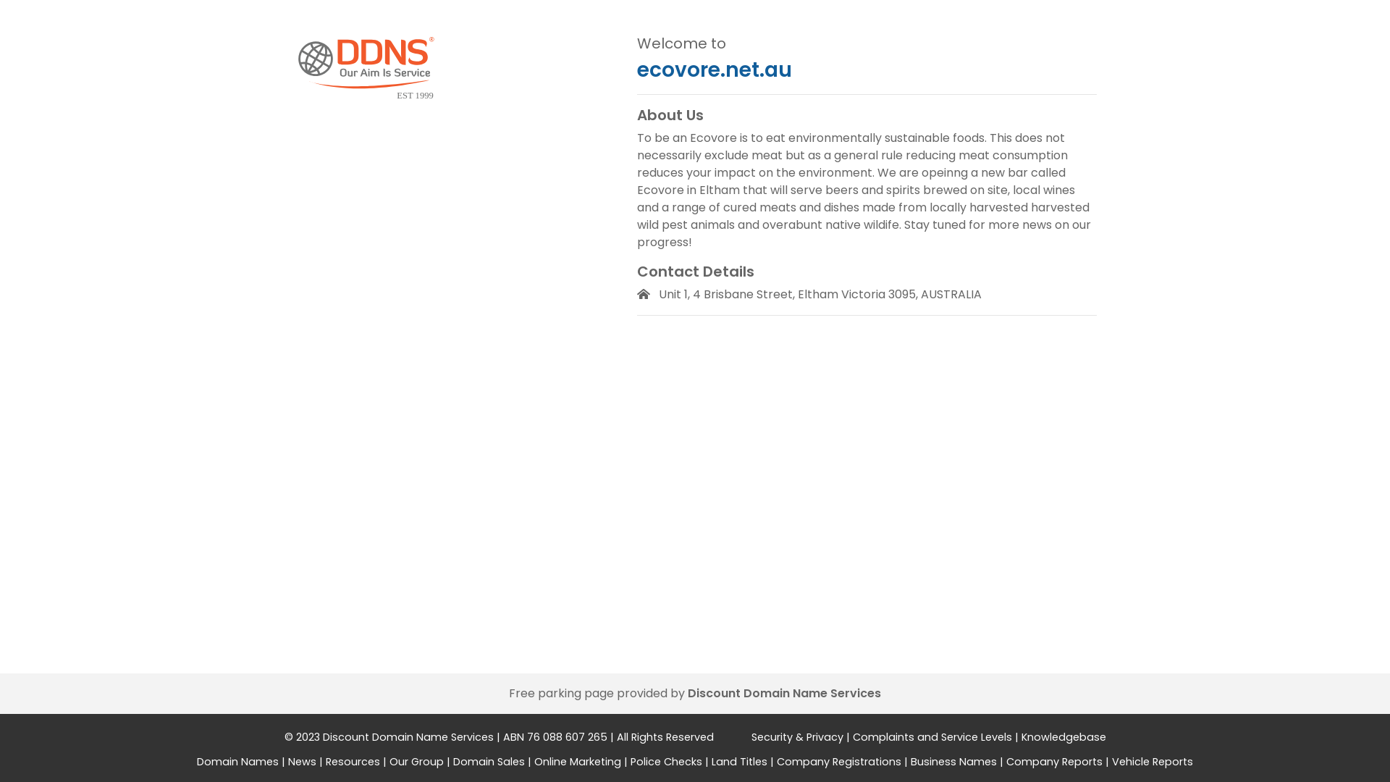  Describe the element at coordinates (1063, 737) in the screenshot. I see `'Knowledgebase'` at that location.